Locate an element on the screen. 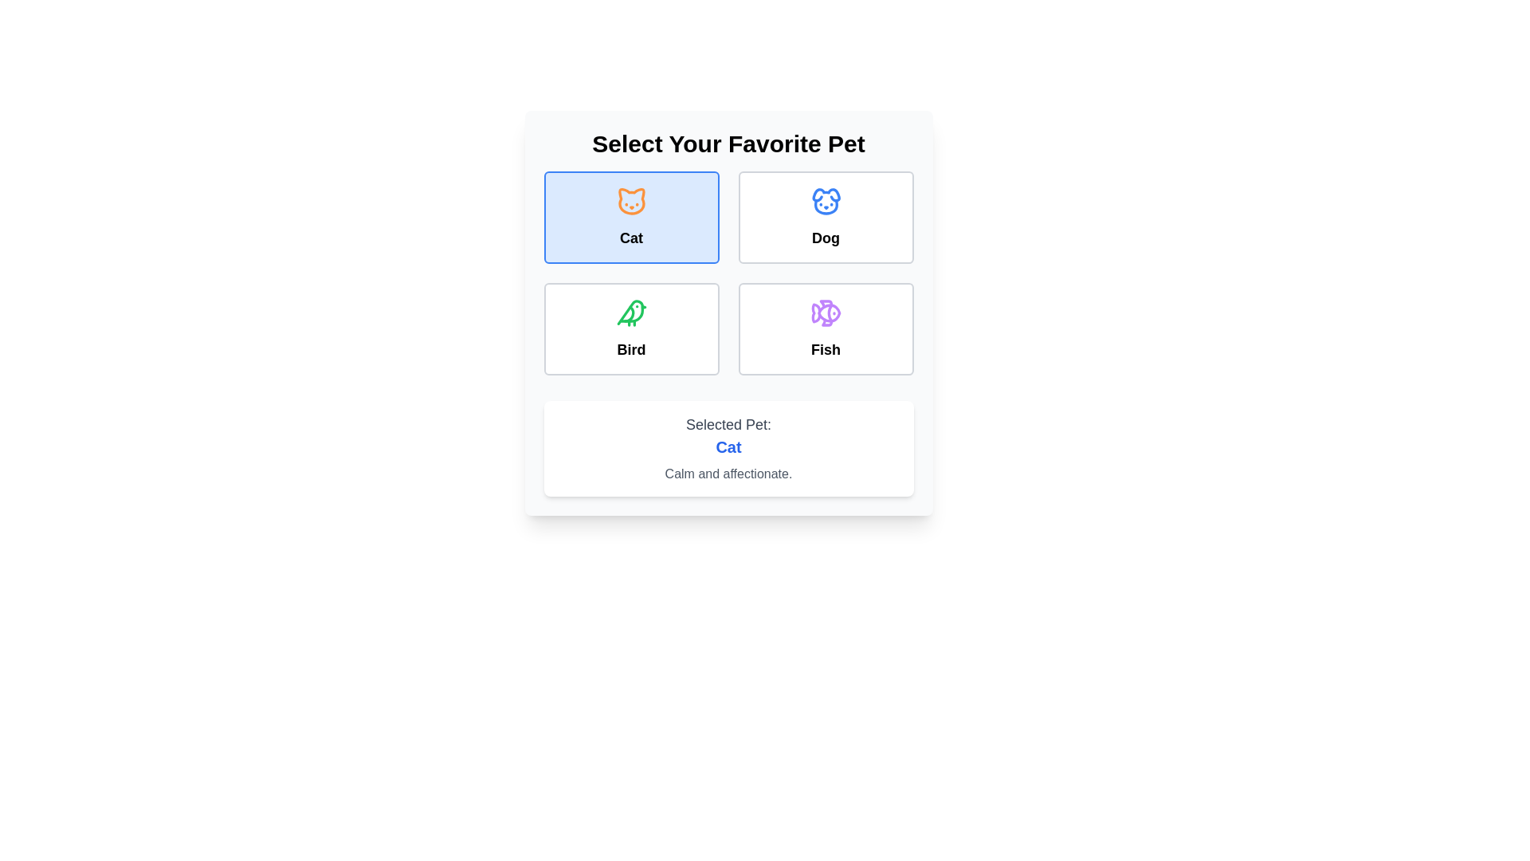 Image resolution: width=1530 pixels, height=861 pixels. the 'Bird' selectable card, which has a white background, grey border, and a green bird icon at the top is located at coordinates (630, 328).